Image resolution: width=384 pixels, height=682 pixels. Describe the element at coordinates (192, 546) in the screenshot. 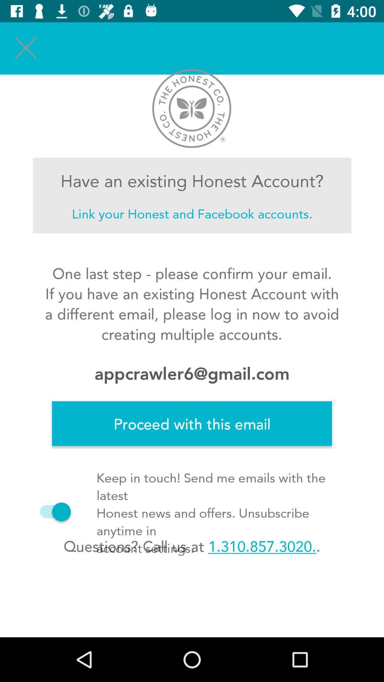

I see `questions call us item` at that location.